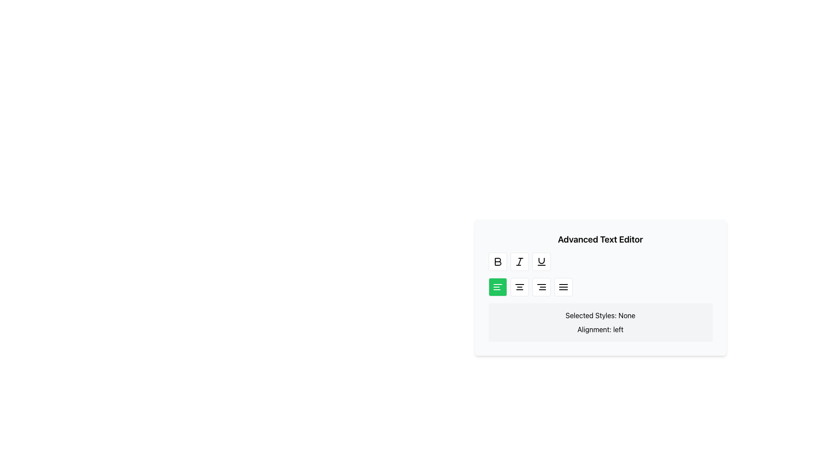 The image size is (840, 472). Describe the element at coordinates (600, 287) in the screenshot. I see `the Horizontal Button Group in the Advanced Text Editor toolbar for accessibility navigation` at that location.